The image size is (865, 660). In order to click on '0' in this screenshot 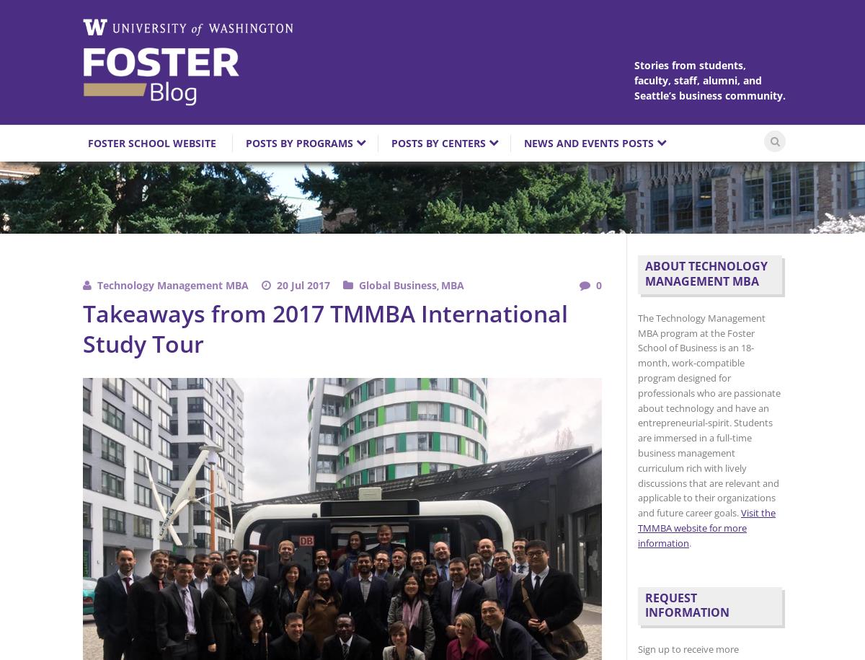, I will do `click(598, 284)`.